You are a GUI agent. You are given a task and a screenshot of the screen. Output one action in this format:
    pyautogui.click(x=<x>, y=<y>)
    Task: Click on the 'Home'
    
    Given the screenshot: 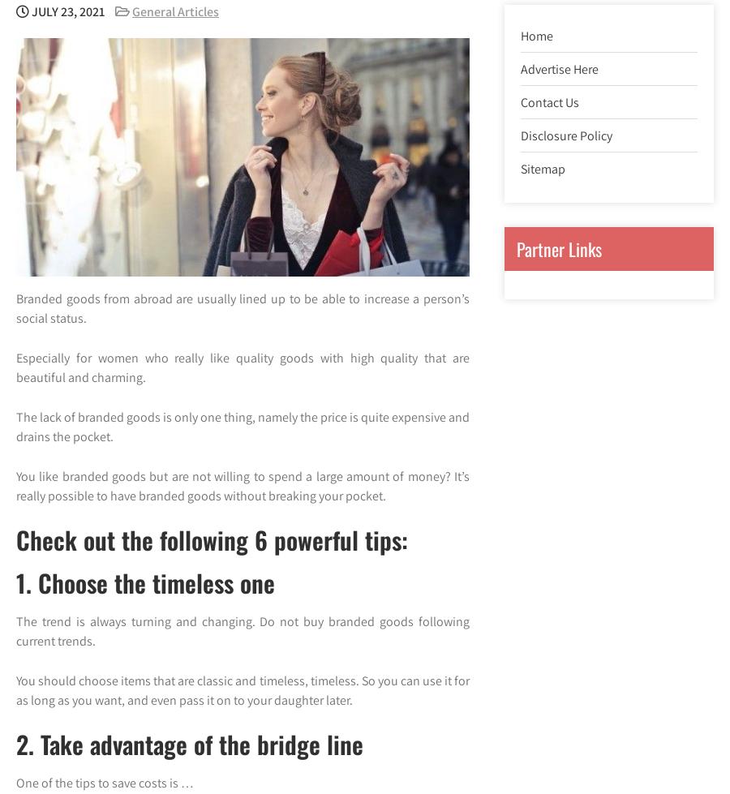 What is the action you would take?
    pyautogui.click(x=537, y=35)
    